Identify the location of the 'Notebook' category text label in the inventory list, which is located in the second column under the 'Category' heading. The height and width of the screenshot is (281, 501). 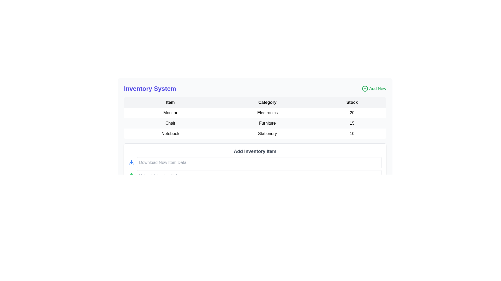
(267, 133).